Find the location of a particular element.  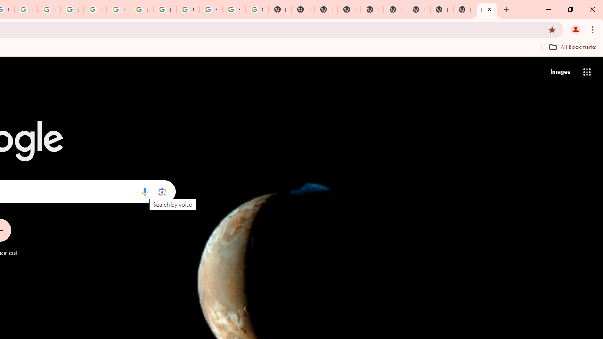

'New Tab' is located at coordinates (487, 9).